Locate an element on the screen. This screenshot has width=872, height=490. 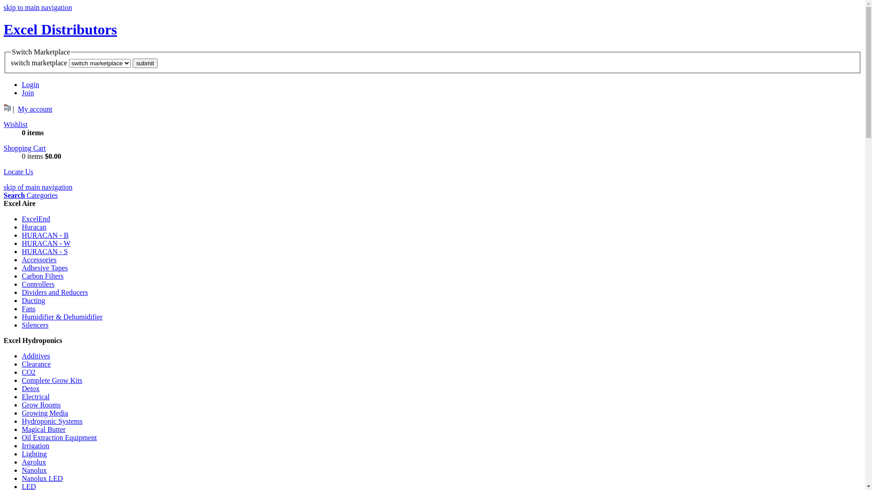
'Excel Distributors' is located at coordinates (60, 29).